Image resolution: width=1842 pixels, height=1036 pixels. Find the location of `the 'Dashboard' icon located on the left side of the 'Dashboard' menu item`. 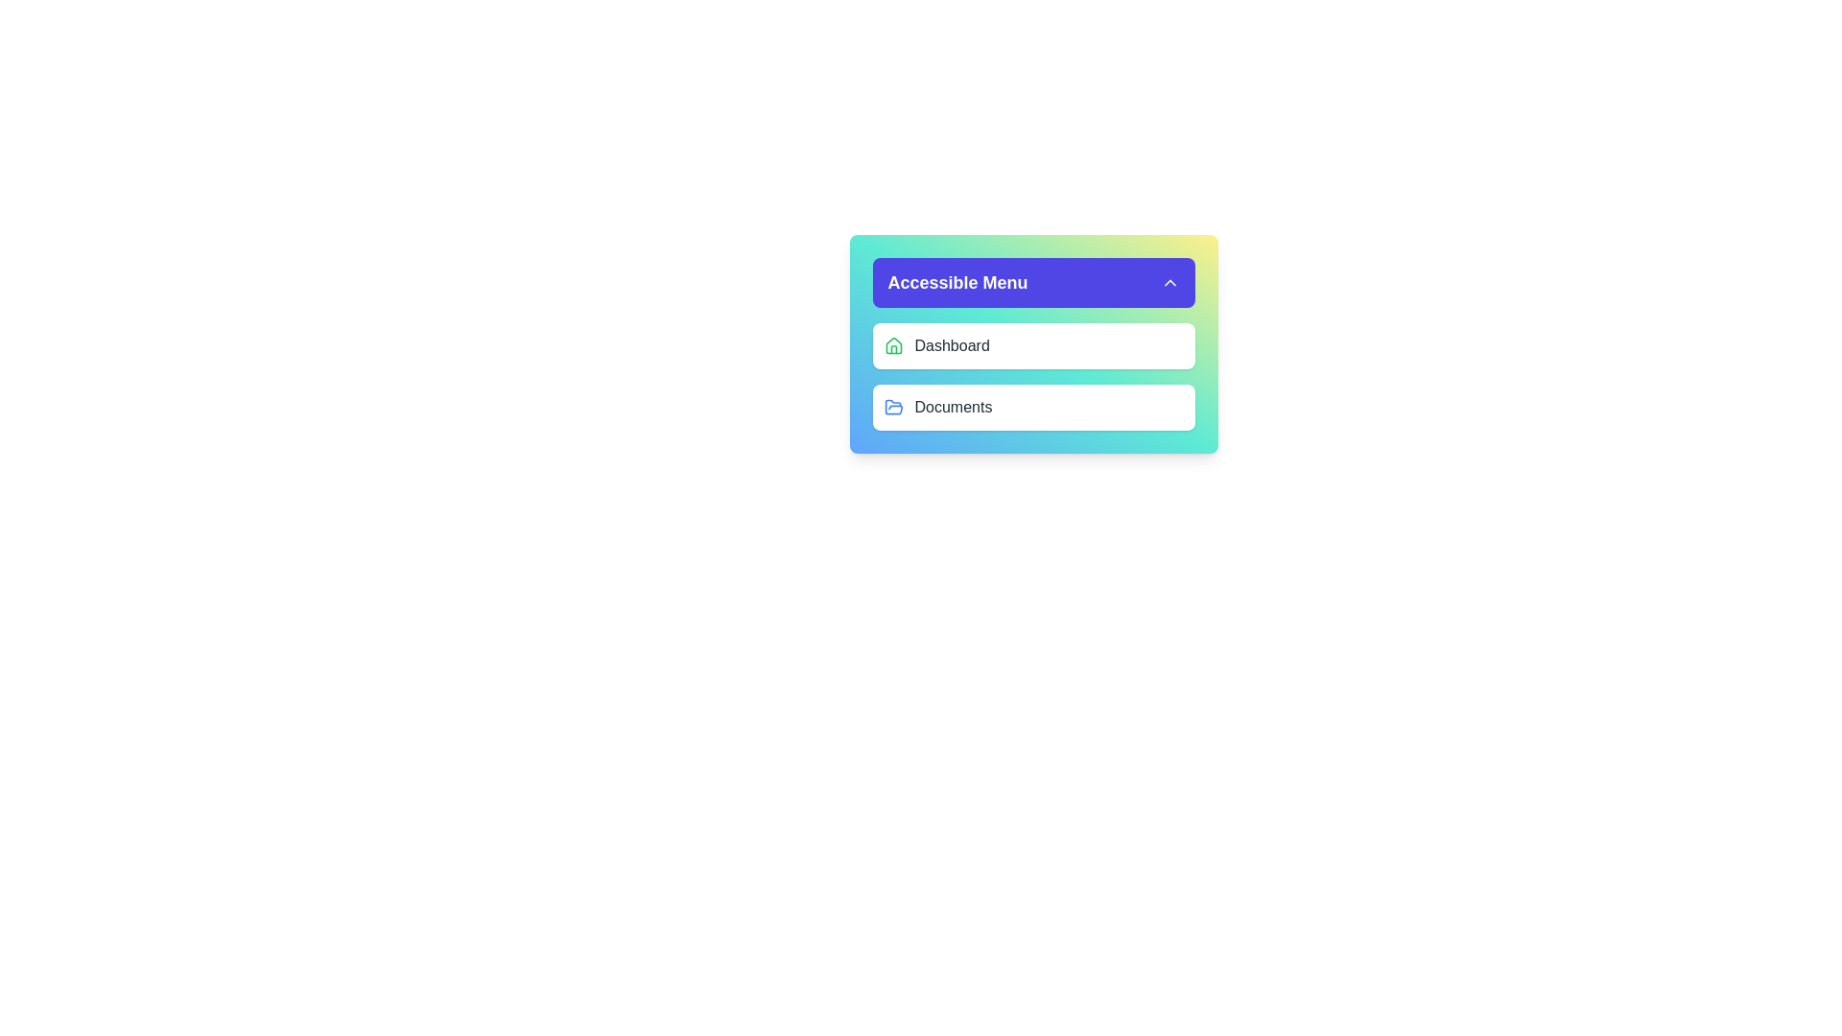

the 'Dashboard' icon located on the left side of the 'Dashboard' menu item is located at coordinates (892, 345).